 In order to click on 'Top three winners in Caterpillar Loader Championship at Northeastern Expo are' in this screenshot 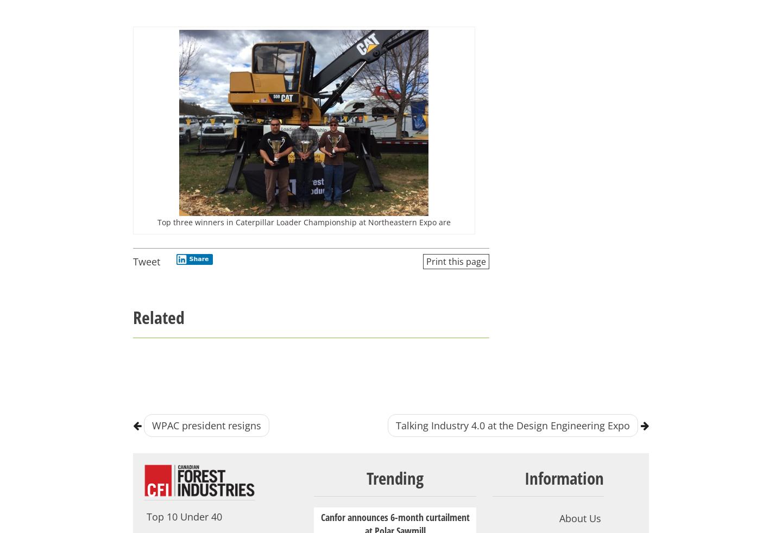, I will do `click(156, 221)`.